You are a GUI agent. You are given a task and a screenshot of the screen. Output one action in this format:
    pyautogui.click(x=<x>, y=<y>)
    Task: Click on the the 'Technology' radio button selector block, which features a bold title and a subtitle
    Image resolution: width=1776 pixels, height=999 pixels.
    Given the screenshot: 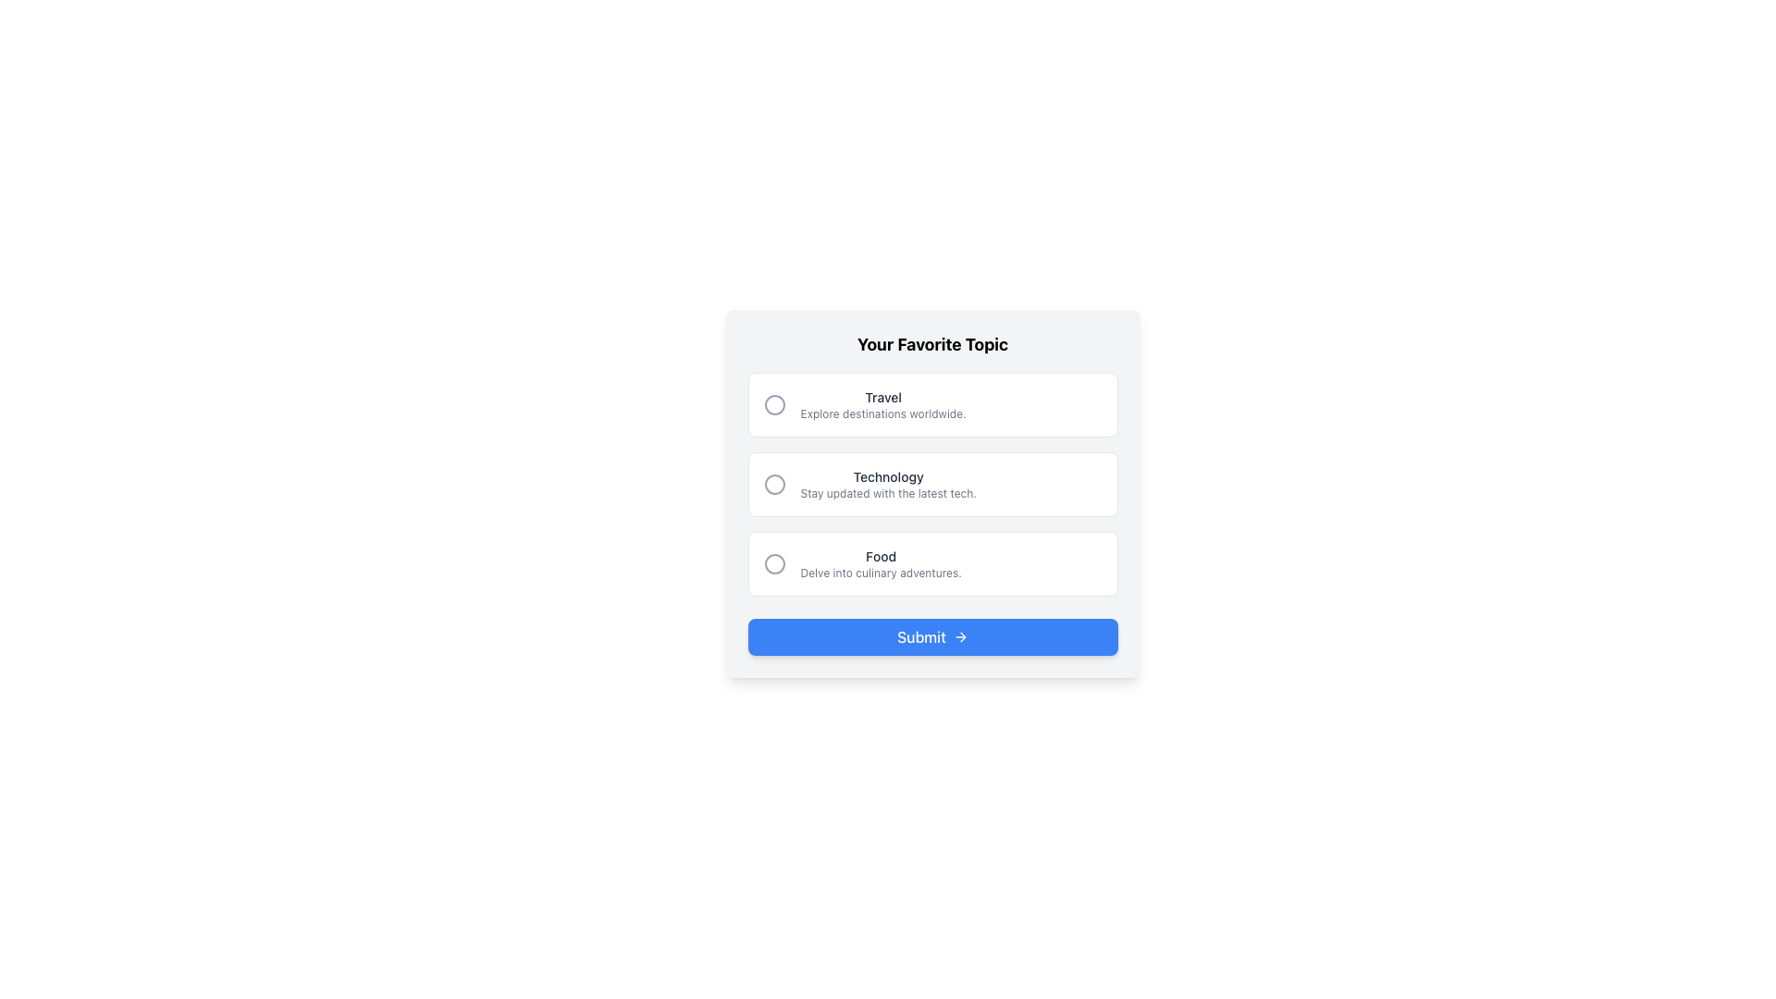 What is the action you would take?
    pyautogui.click(x=932, y=484)
    